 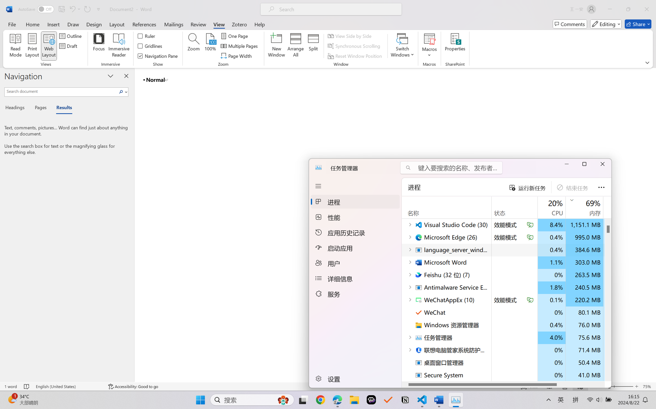 What do you see at coordinates (570, 24) in the screenshot?
I see `'Comments'` at bounding box center [570, 24].